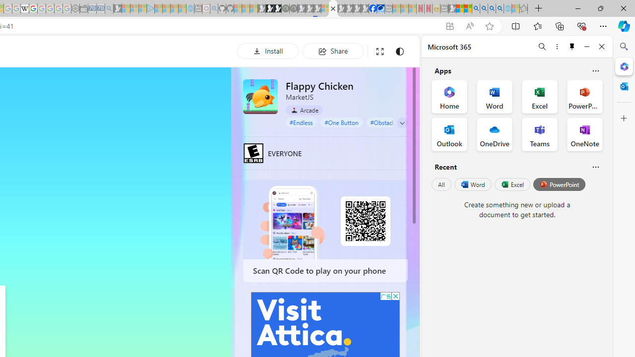  I want to click on 'Unpin side pane', so click(572, 46).